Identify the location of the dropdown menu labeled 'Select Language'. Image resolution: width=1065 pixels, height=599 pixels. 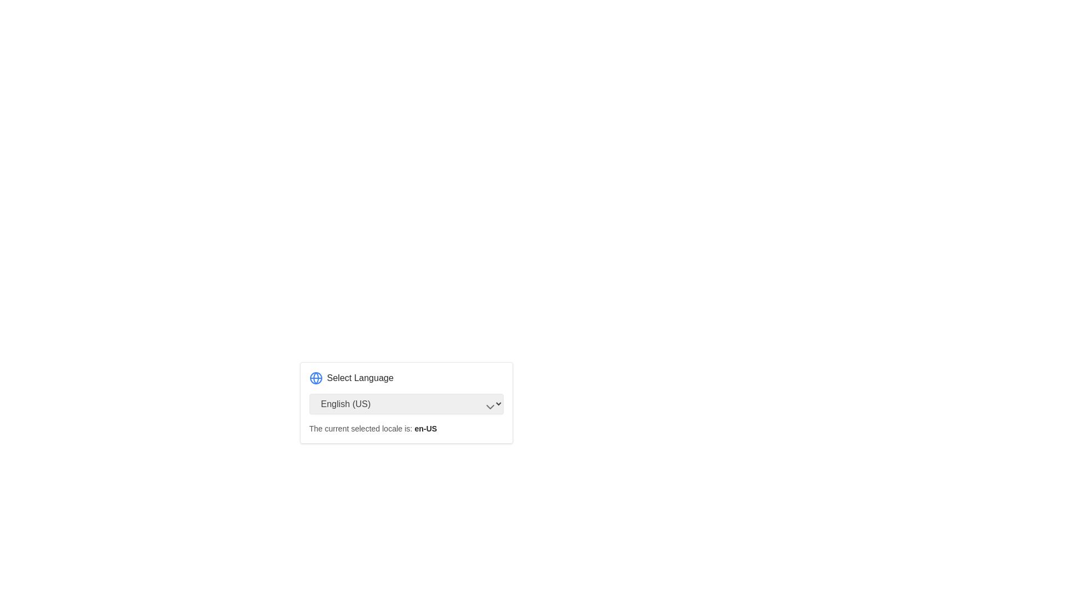
(405, 403).